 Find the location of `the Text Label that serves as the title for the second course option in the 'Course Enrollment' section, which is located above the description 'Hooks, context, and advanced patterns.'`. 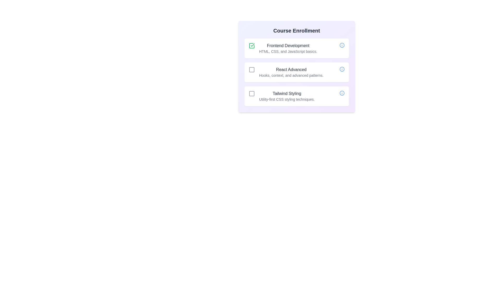

the Text Label that serves as the title for the second course option in the 'Course Enrollment' section, which is located above the description 'Hooks, context, and advanced patterns.' is located at coordinates (291, 69).